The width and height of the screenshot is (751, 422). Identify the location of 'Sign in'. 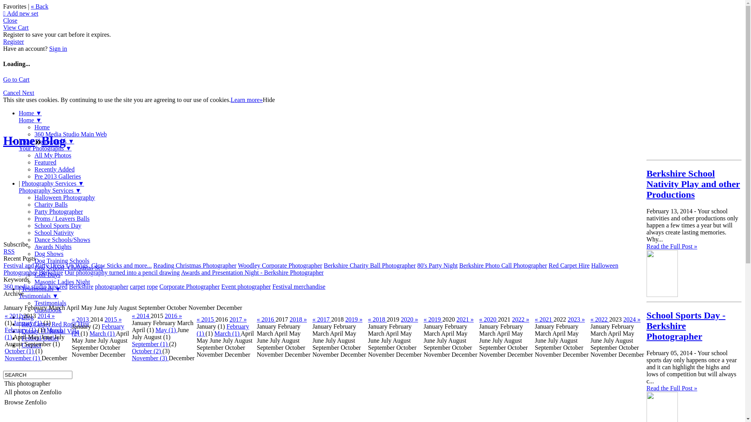
(49, 48).